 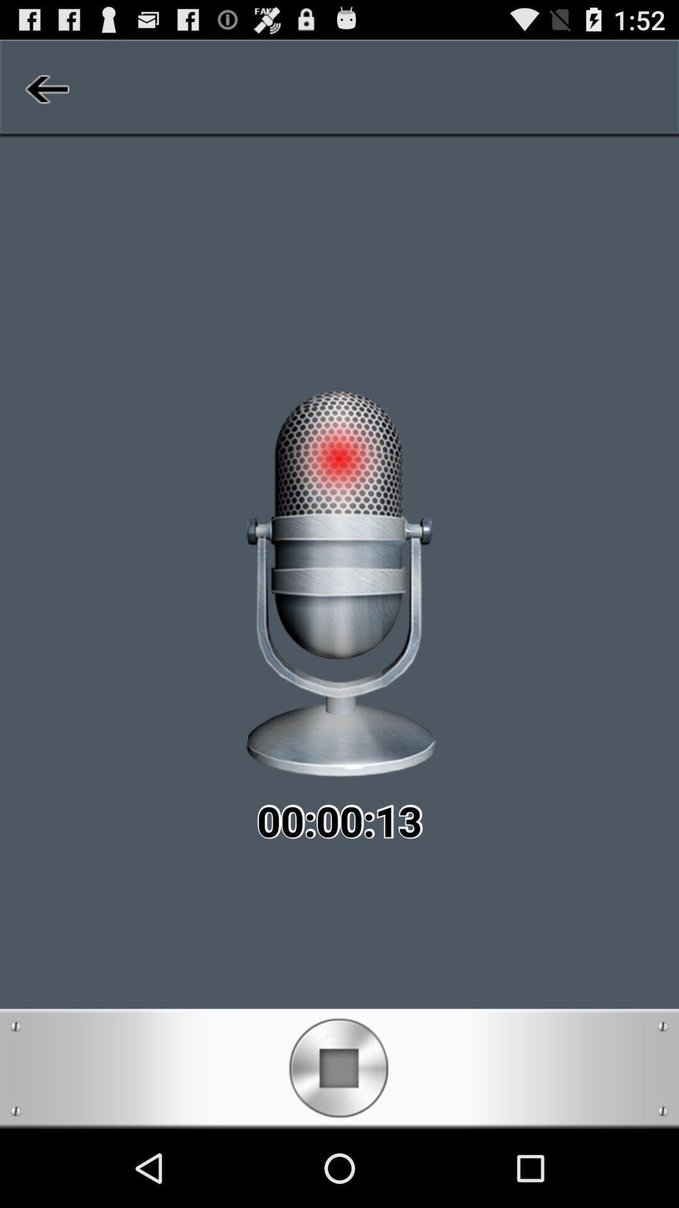 I want to click on stop function, so click(x=338, y=1068).